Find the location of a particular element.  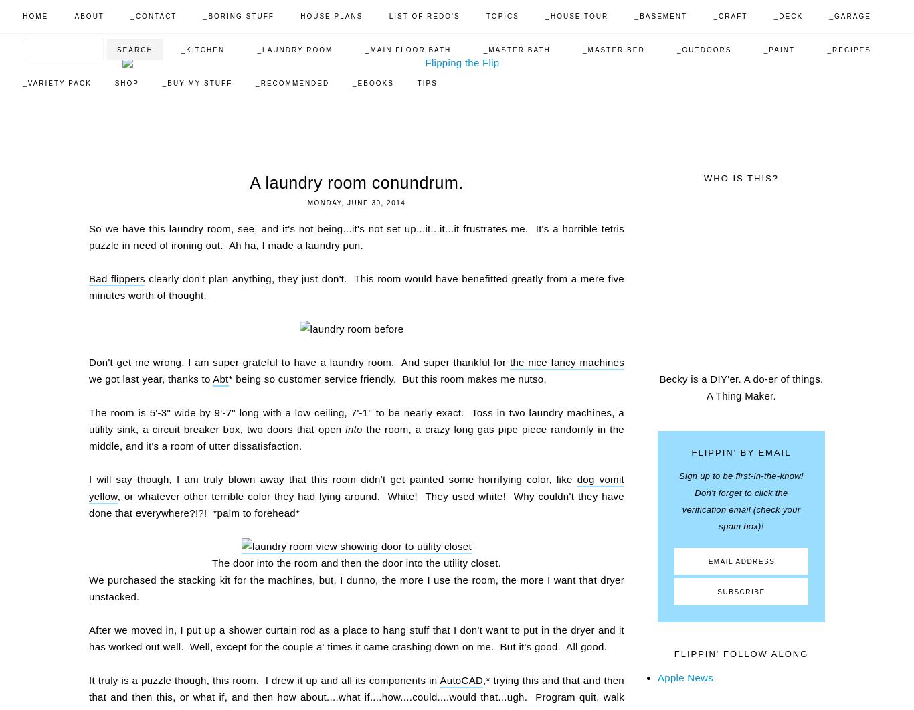

'Flippin' Follow Along' is located at coordinates (740, 653).